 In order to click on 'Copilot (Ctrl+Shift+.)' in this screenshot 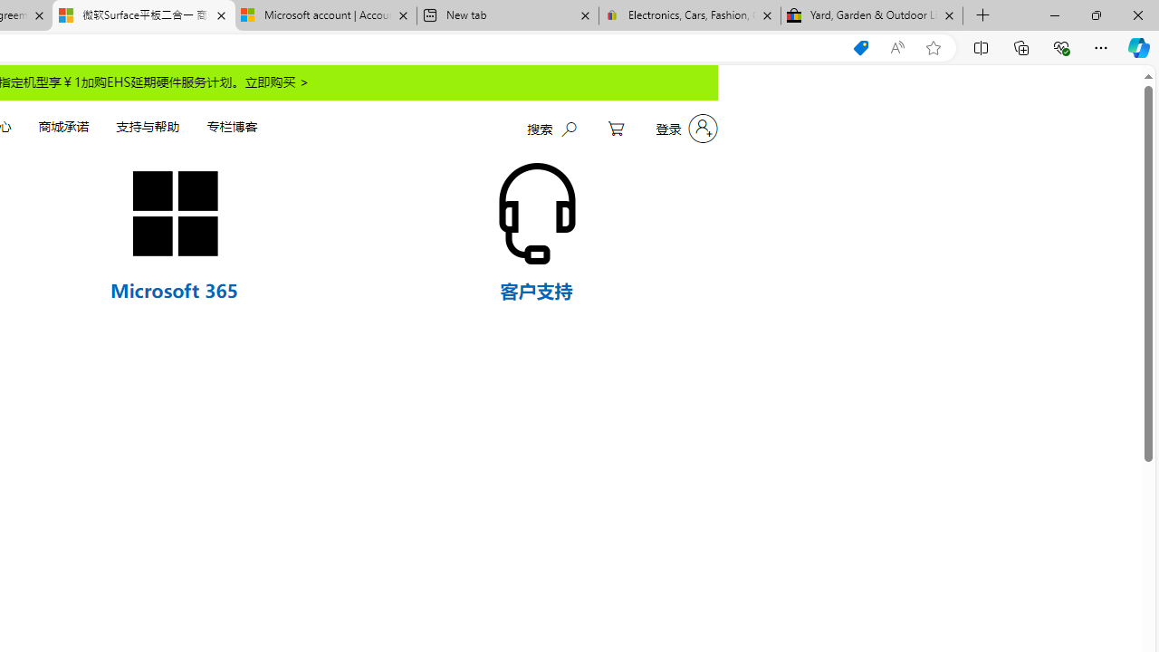, I will do `click(1138, 46)`.